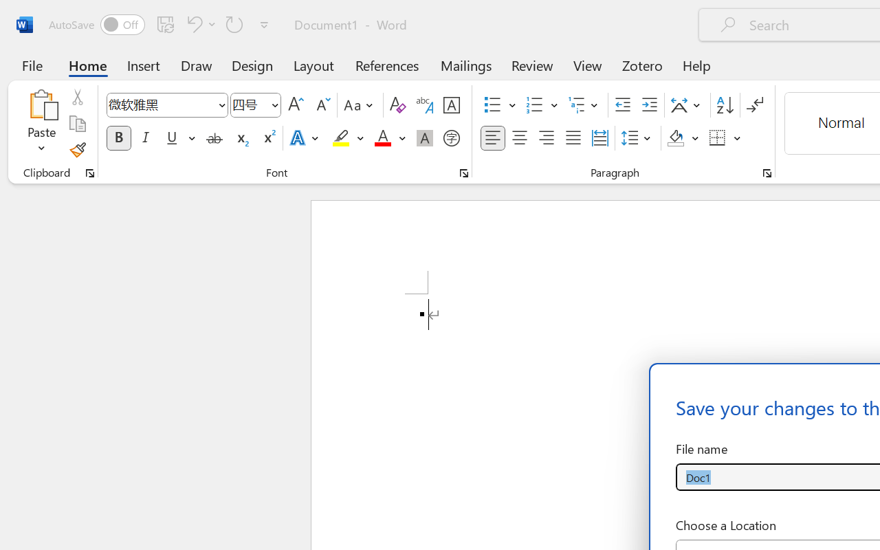 The height and width of the screenshot is (550, 880). Describe the element at coordinates (199, 23) in the screenshot. I see `'Undo <ApplyStyleToDoc>b__0'` at that location.